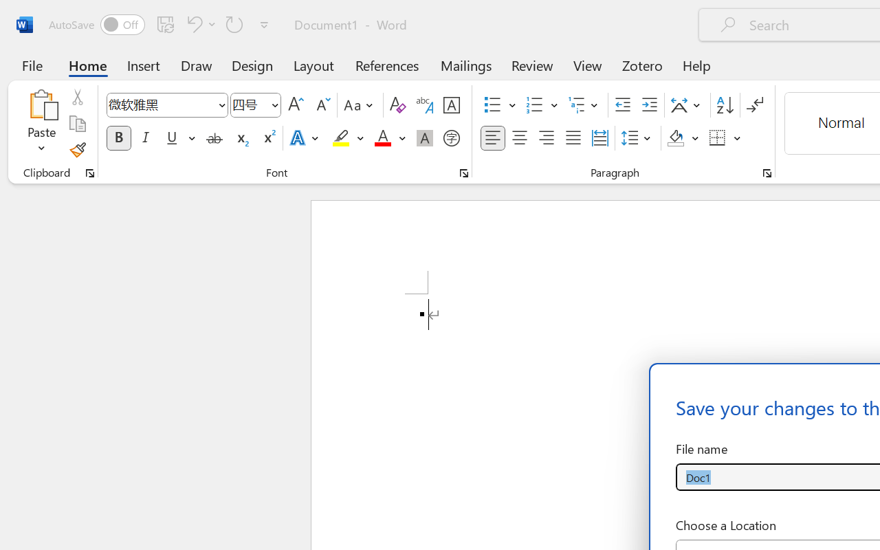 The height and width of the screenshot is (550, 880). Describe the element at coordinates (199, 23) in the screenshot. I see `'Undo <ApplyStyleToDoc>b__0'` at that location.